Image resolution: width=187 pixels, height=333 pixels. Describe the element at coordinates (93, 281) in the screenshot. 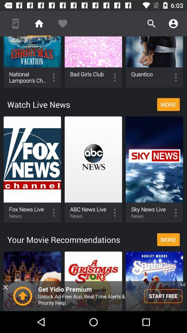

I see `the option which says a christmas story` at that location.